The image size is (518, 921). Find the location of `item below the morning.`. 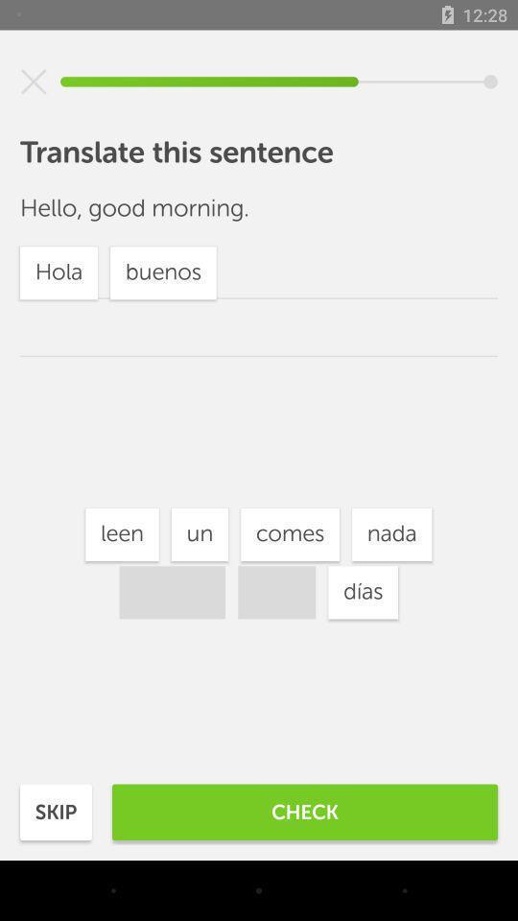

item below the morning. is located at coordinates (289, 534).